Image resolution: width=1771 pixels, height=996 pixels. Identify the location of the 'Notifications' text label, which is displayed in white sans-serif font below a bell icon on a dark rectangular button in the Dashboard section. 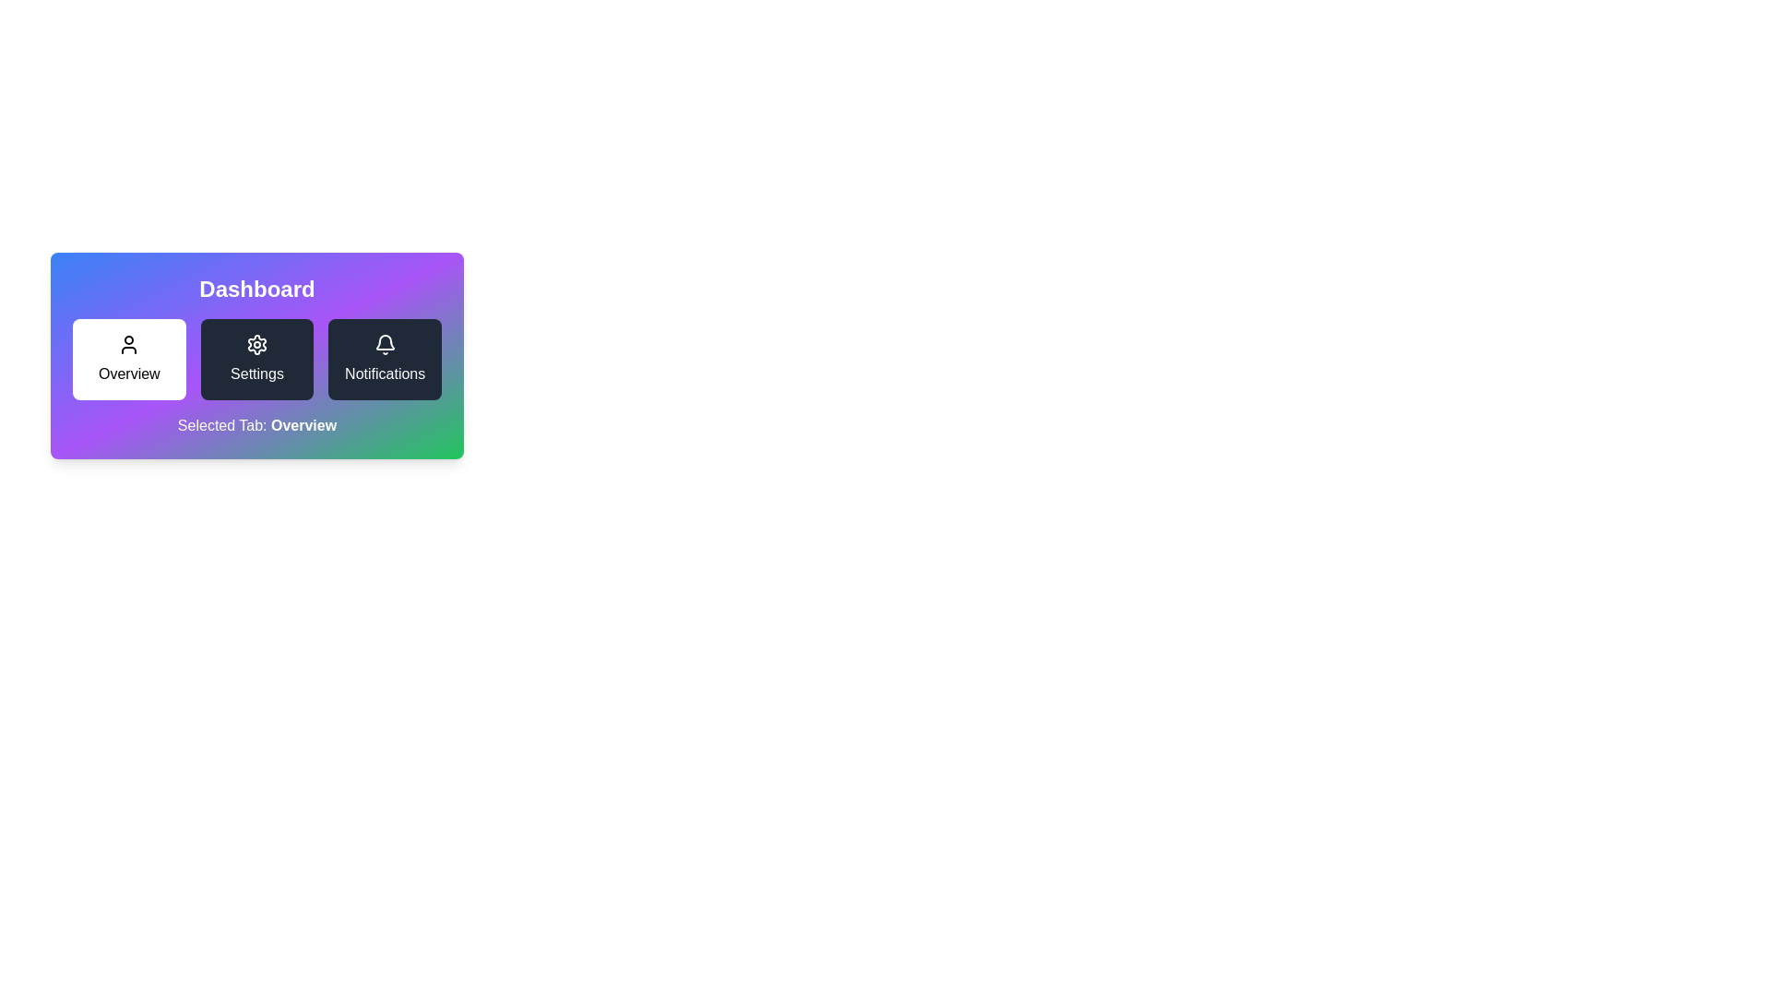
(384, 373).